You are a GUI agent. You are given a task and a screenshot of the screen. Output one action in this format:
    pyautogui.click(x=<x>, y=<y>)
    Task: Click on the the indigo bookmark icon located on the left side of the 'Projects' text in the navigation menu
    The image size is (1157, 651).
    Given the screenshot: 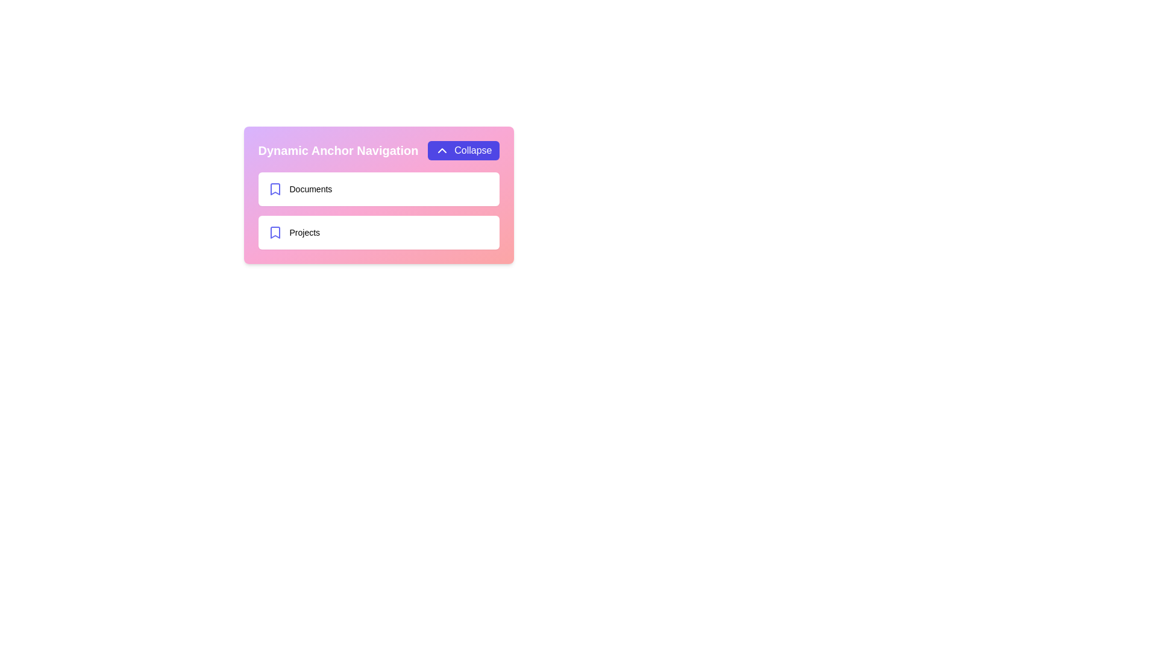 What is the action you would take?
    pyautogui.click(x=274, y=232)
    